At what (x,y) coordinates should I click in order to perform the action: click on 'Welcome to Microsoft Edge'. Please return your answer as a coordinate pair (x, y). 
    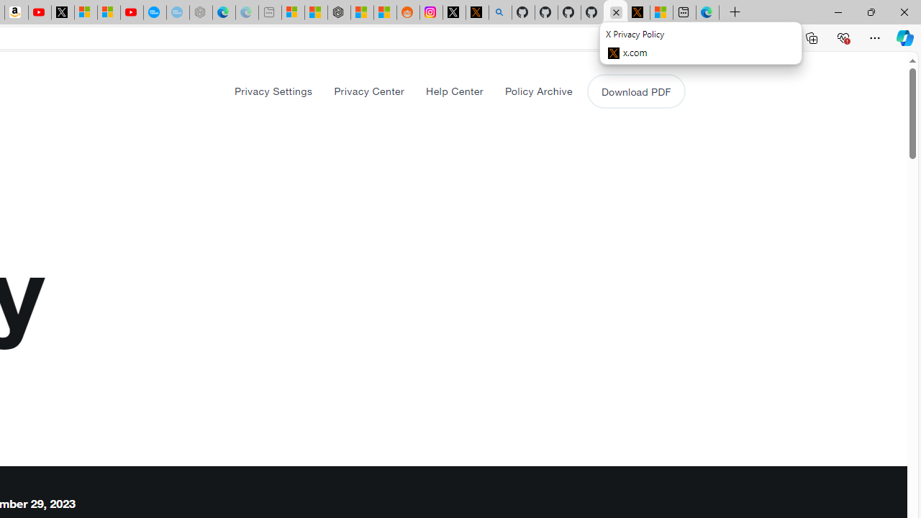
    Looking at the image, I should click on (707, 12).